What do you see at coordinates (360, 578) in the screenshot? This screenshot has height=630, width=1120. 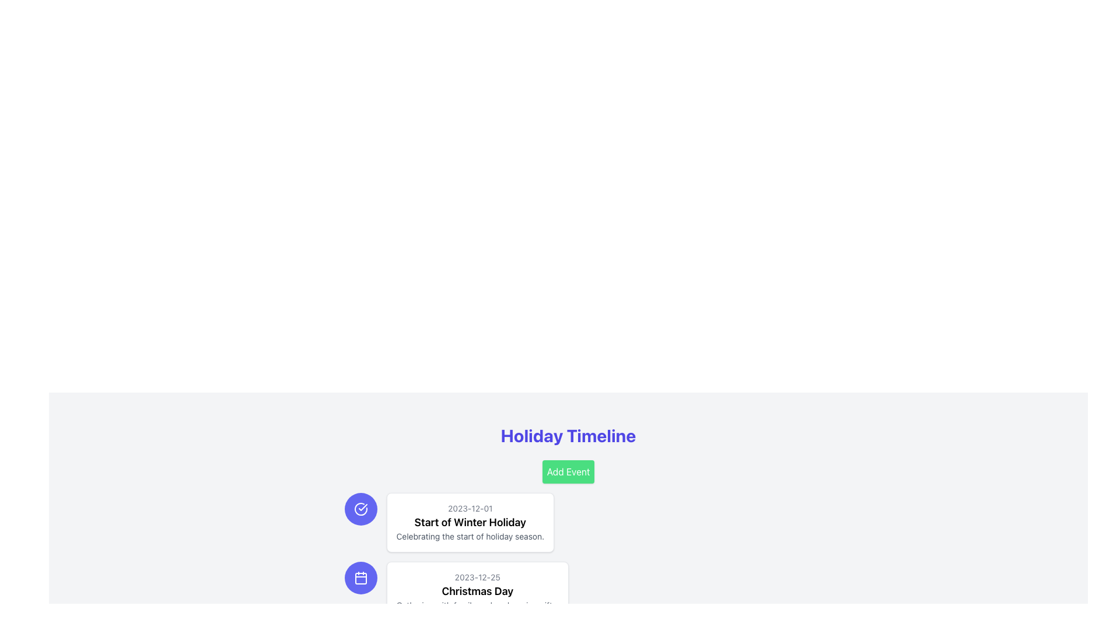 I see `the calendar icon with a square outline and purple circular background located beneath the top event marker on the left-hand side of the timeline interface for more details` at bounding box center [360, 578].